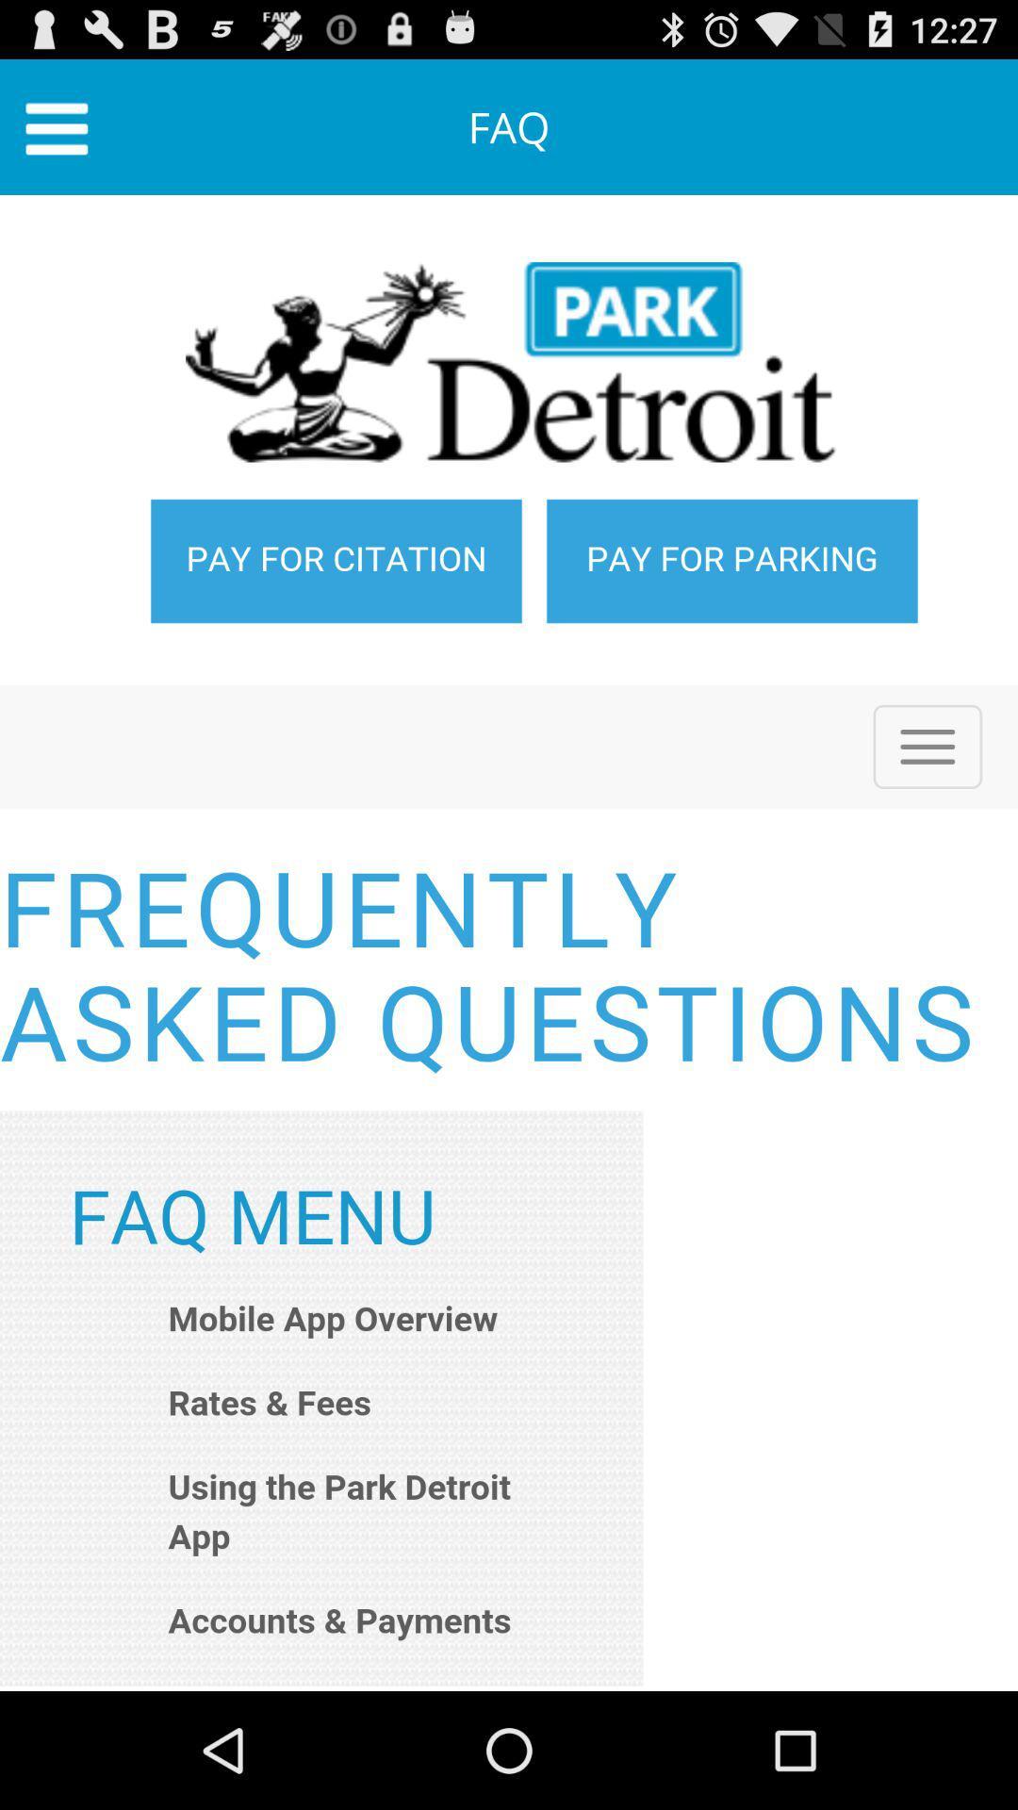  Describe the element at coordinates (509, 943) in the screenshot. I see `share the article` at that location.